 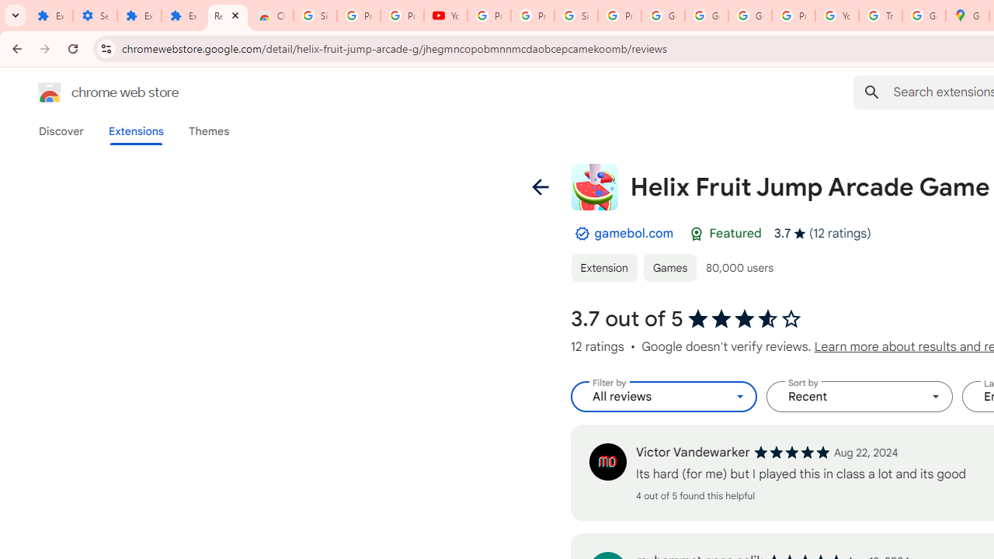 What do you see at coordinates (791, 452) in the screenshot?
I see `'5 out of 5 stars'` at bounding box center [791, 452].